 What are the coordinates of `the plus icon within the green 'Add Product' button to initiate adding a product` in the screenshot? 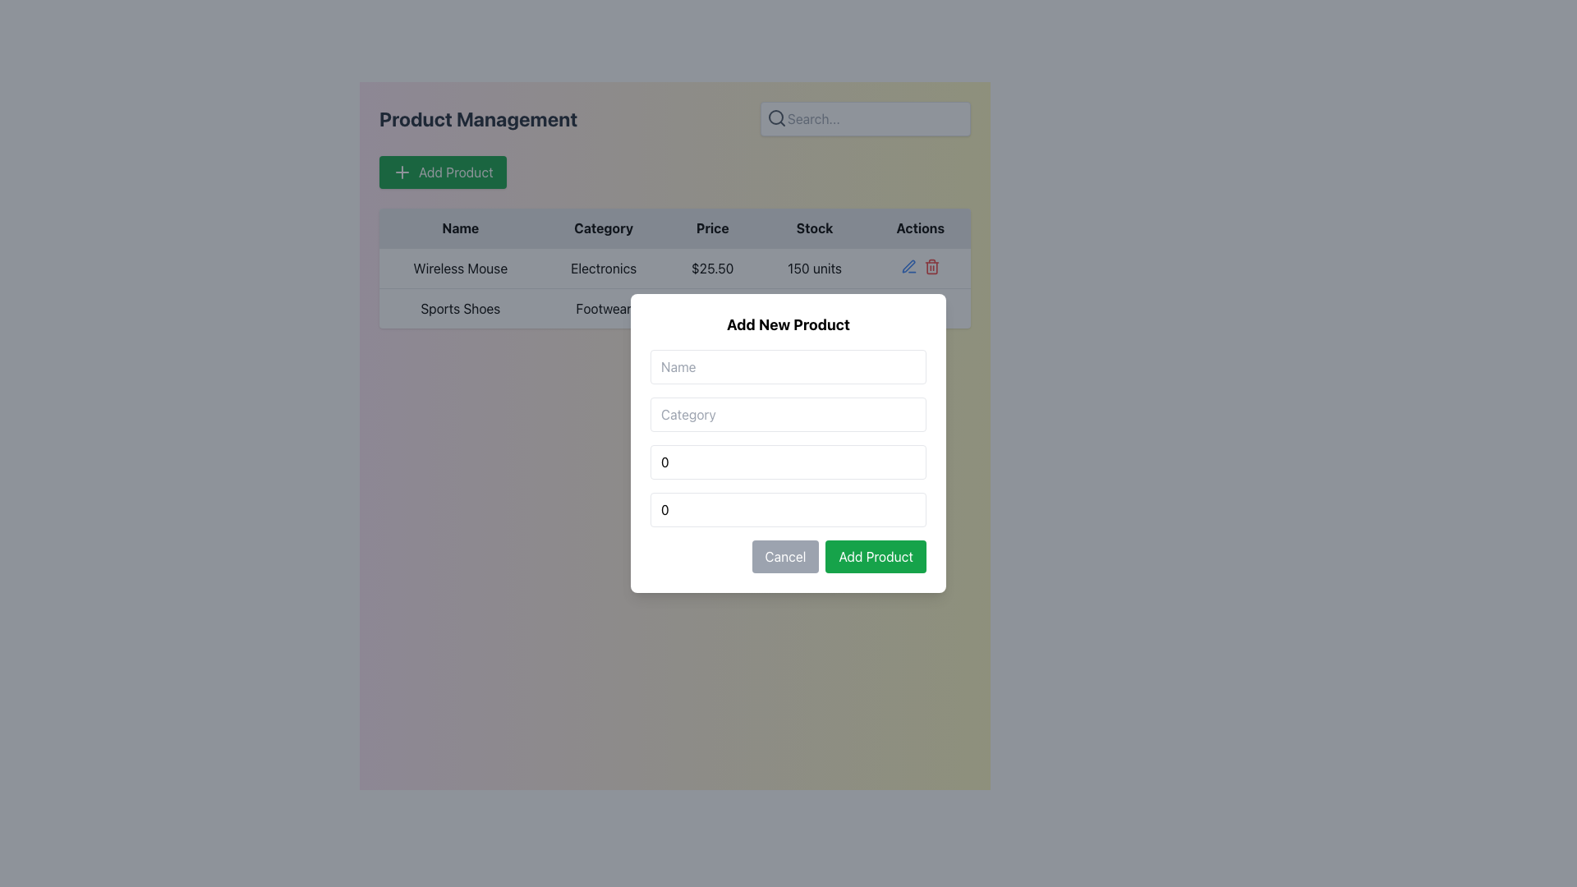 It's located at (402, 172).